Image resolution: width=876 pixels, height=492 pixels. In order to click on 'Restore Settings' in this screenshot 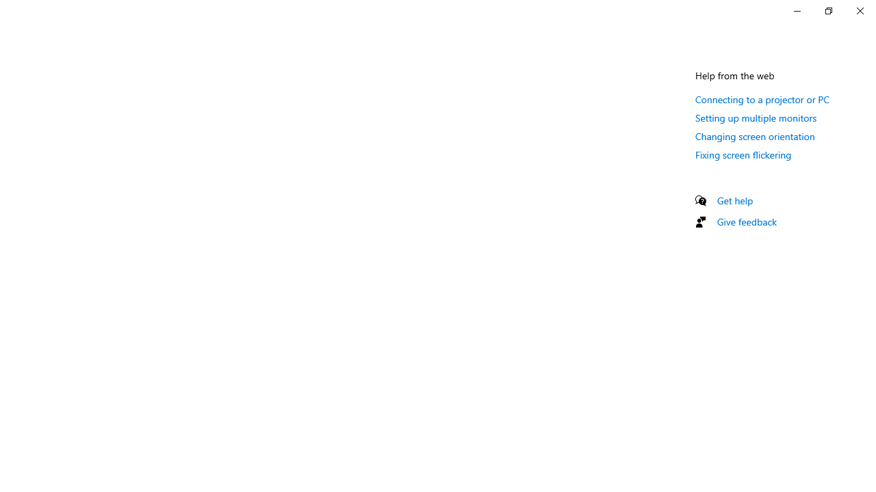, I will do `click(827, 10)`.